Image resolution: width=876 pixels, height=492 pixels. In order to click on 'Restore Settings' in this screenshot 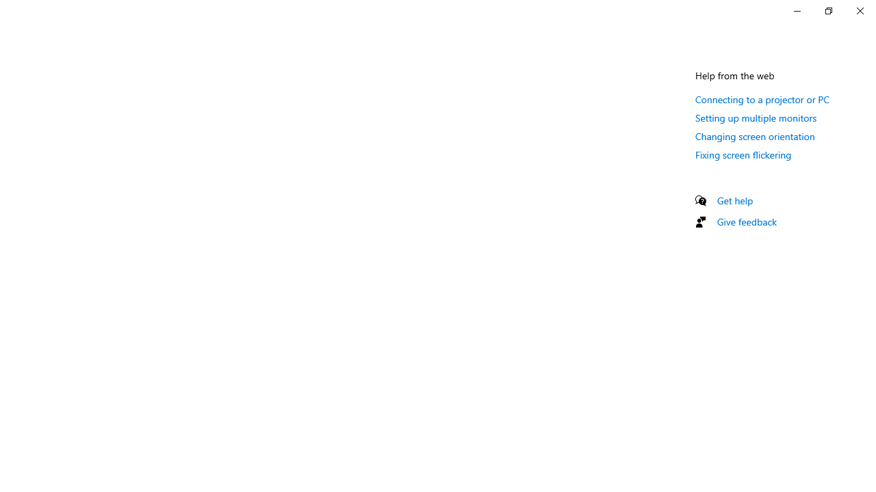, I will do `click(827, 10)`.